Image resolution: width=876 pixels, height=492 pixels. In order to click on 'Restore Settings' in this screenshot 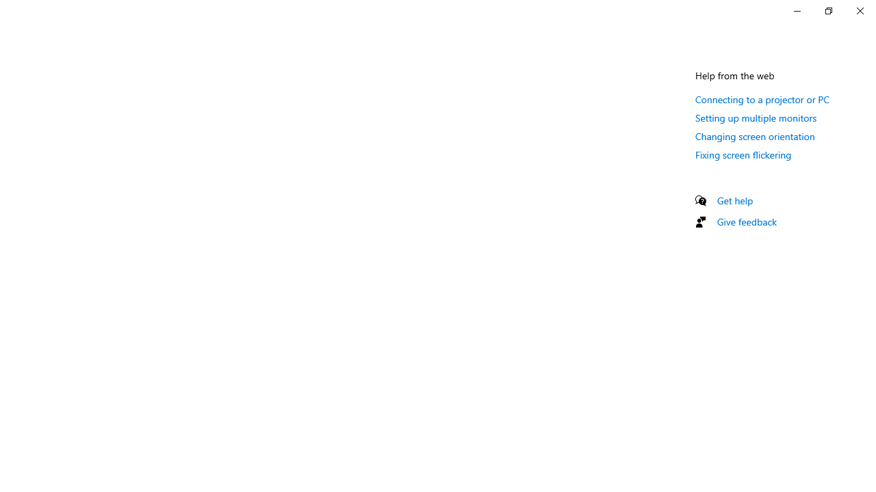, I will do `click(827, 10)`.